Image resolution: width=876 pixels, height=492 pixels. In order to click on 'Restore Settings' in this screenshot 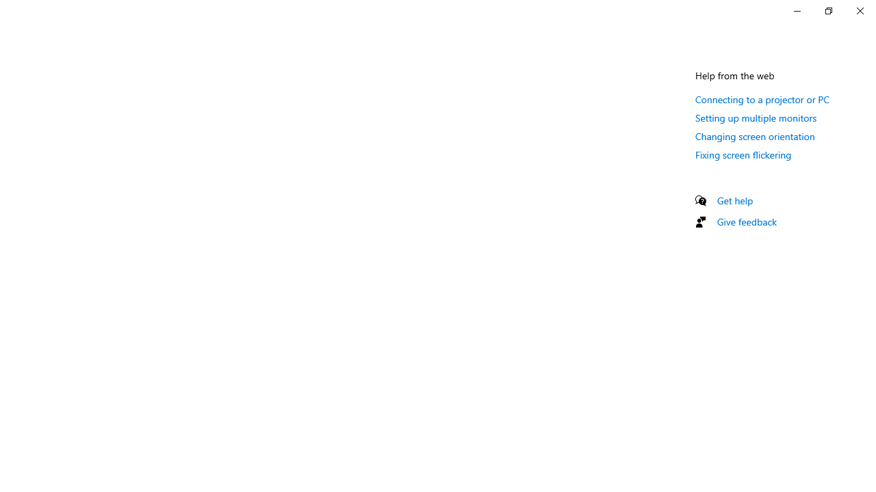, I will do `click(827, 10)`.